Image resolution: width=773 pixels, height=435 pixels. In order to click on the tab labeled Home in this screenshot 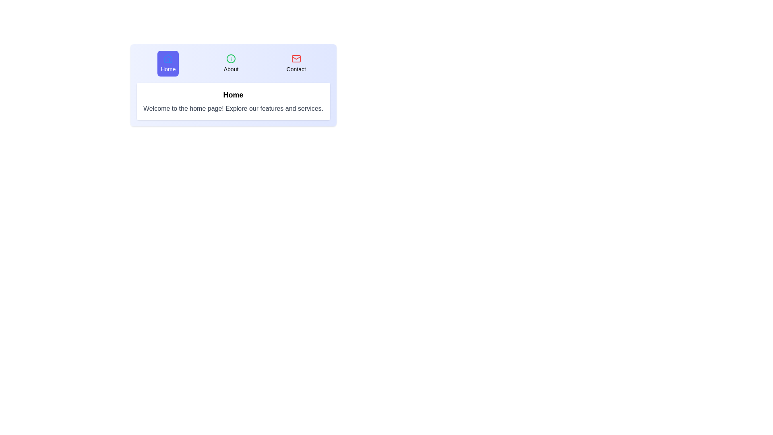, I will do `click(167, 63)`.